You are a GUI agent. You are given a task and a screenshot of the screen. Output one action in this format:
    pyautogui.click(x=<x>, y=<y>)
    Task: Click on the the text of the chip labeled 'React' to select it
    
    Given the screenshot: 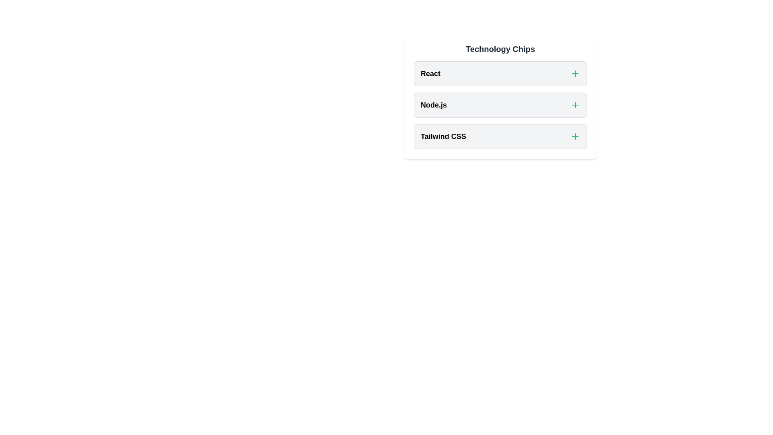 What is the action you would take?
    pyautogui.click(x=430, y=73)
    